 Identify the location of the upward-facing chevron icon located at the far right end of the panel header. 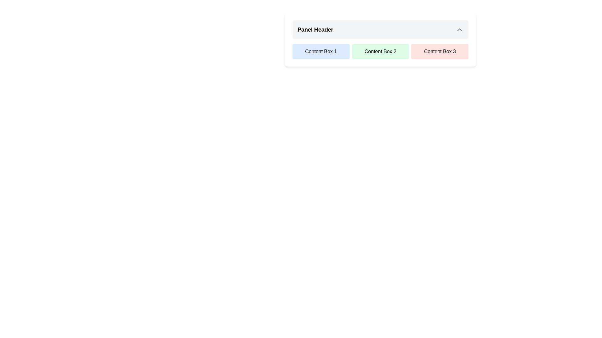
(459, 30).